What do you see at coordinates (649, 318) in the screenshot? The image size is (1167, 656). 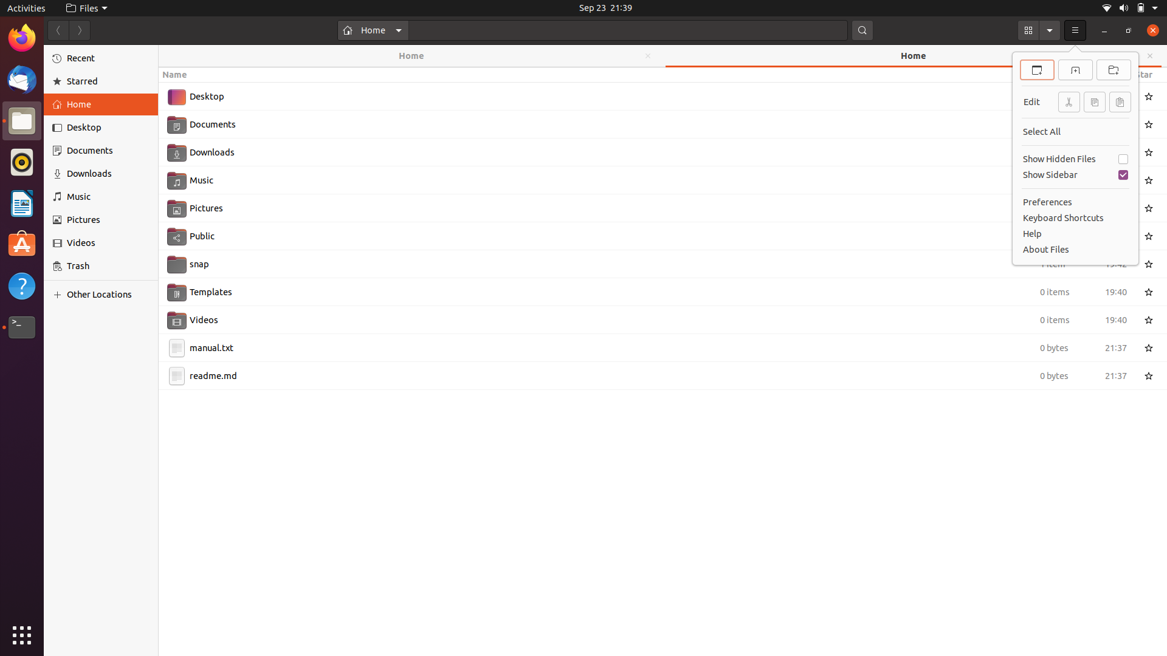 I see `Direct the cursor to "Videos" by utilizing the mouse and open the folder via keyboard typing` at bounding box center [649, 318].